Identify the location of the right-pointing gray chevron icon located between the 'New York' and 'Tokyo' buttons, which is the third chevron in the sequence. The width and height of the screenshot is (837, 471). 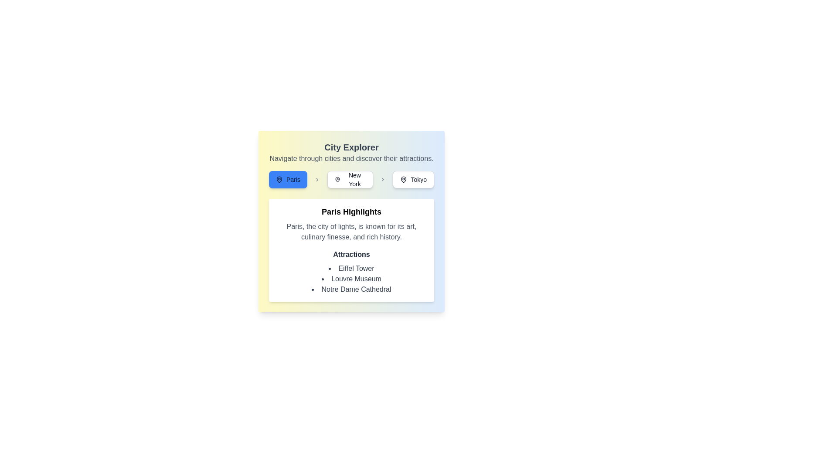
(383, 179).